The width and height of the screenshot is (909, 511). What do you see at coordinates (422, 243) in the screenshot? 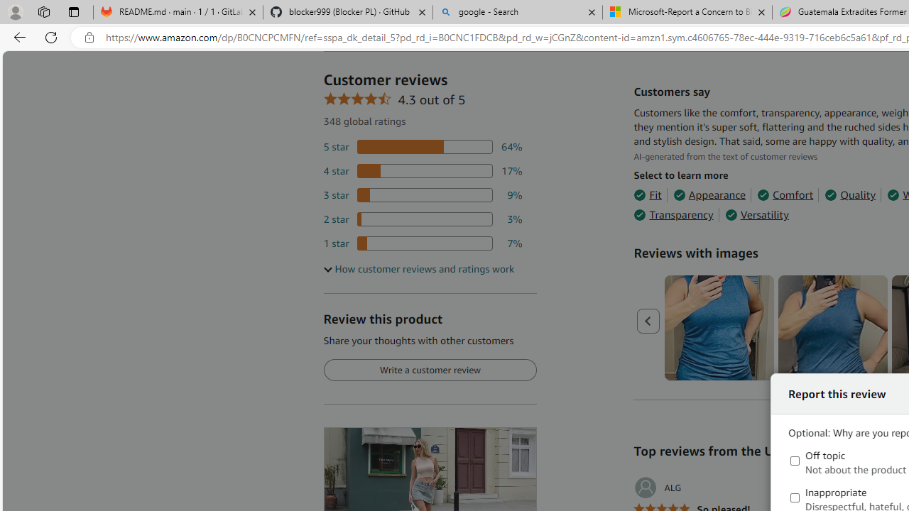
I see `'7 percent of reviews have 1 stars'` at bounding box center [422, 243].